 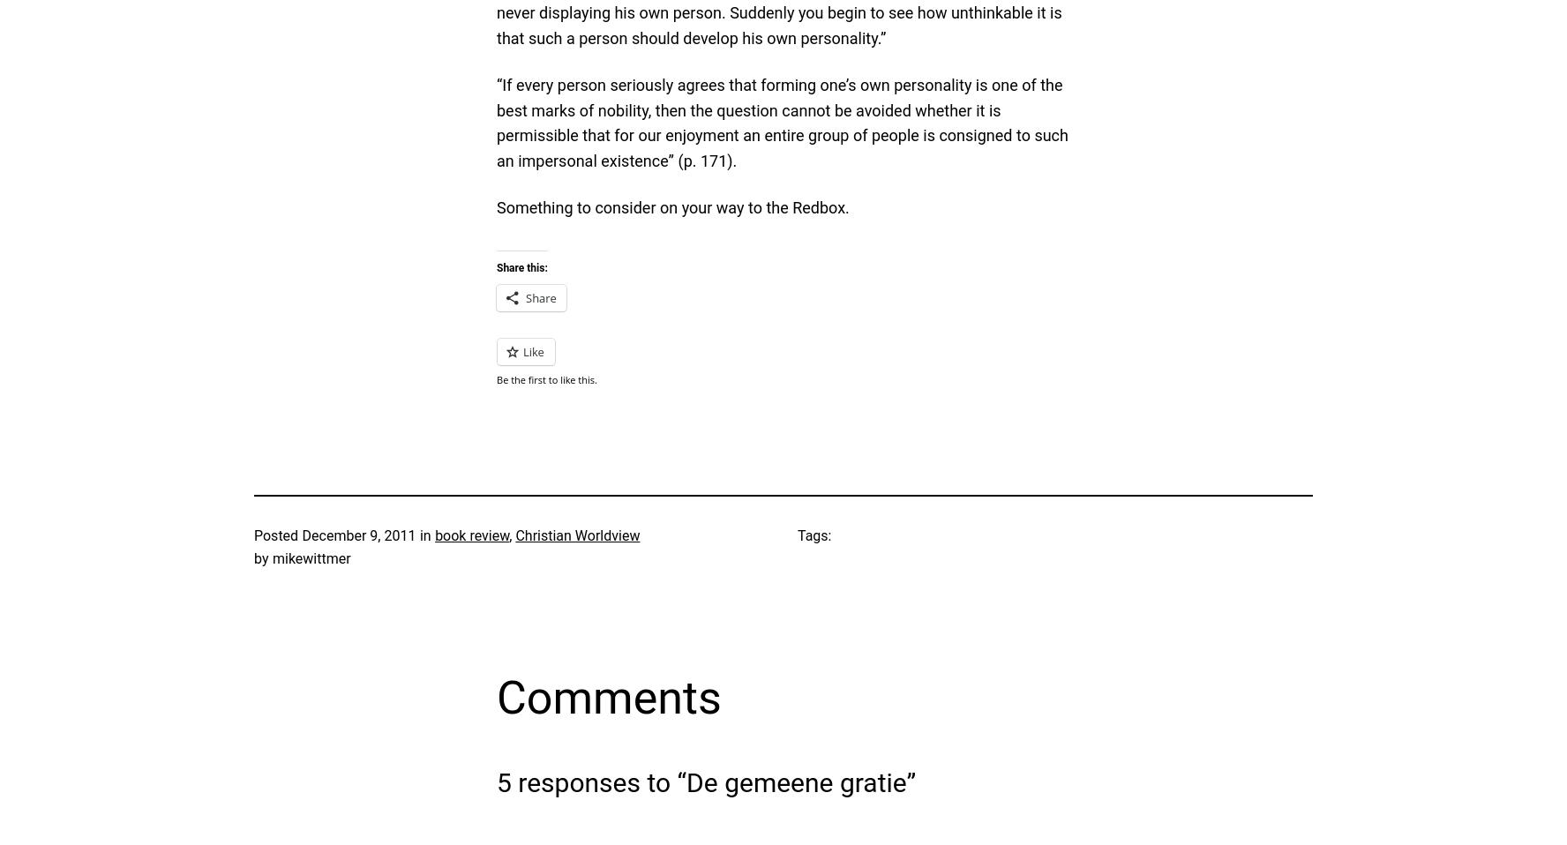 What do you see at coordinates (496, 781) in the screenshot?
I see `'5 responses to “De gemeene gratie”'` at bounding box center [496, 781].